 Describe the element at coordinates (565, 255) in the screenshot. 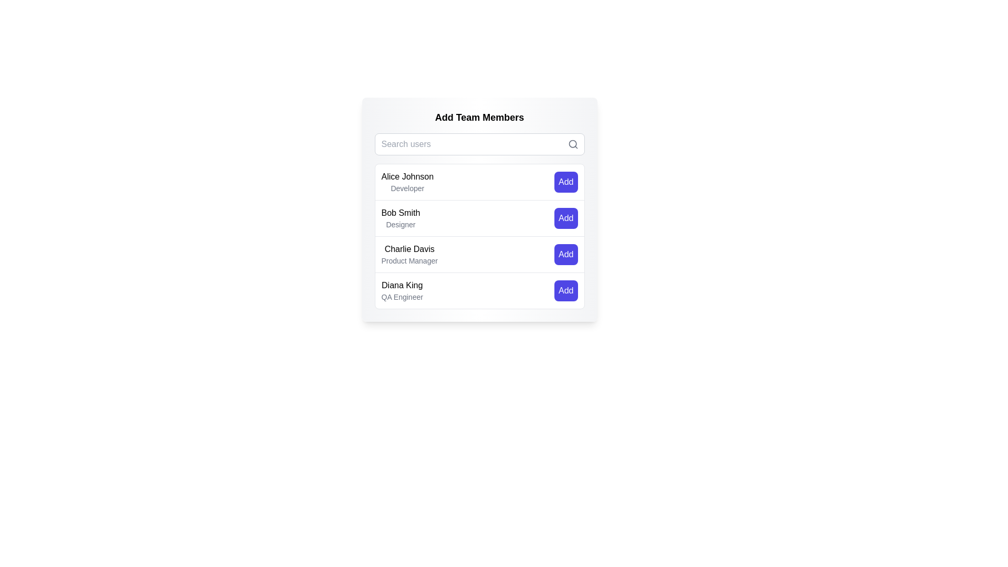

I see `the 'Add' button for 'Charlie Davis, Product Manager', which is the rightmost button in the row, to trigger a hover effect` at that location.